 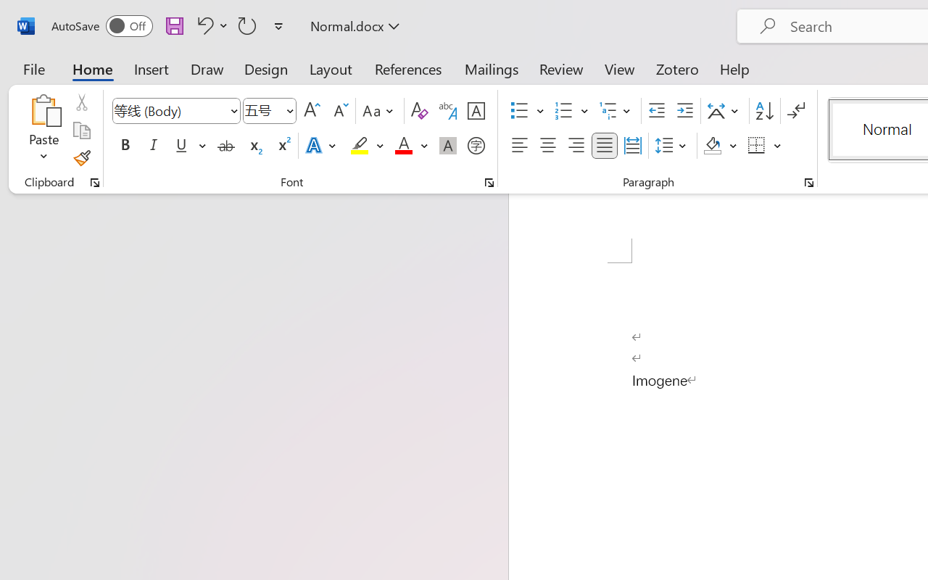 What do you see at coordinates (476, 111) in the screenshot?
I see `'Character Border'` at bounding box center [476, 111].